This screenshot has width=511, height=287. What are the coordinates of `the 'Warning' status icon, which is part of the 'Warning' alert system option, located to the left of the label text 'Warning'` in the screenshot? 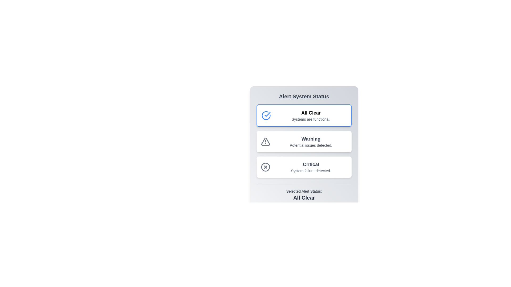 It's located at (266, 141).